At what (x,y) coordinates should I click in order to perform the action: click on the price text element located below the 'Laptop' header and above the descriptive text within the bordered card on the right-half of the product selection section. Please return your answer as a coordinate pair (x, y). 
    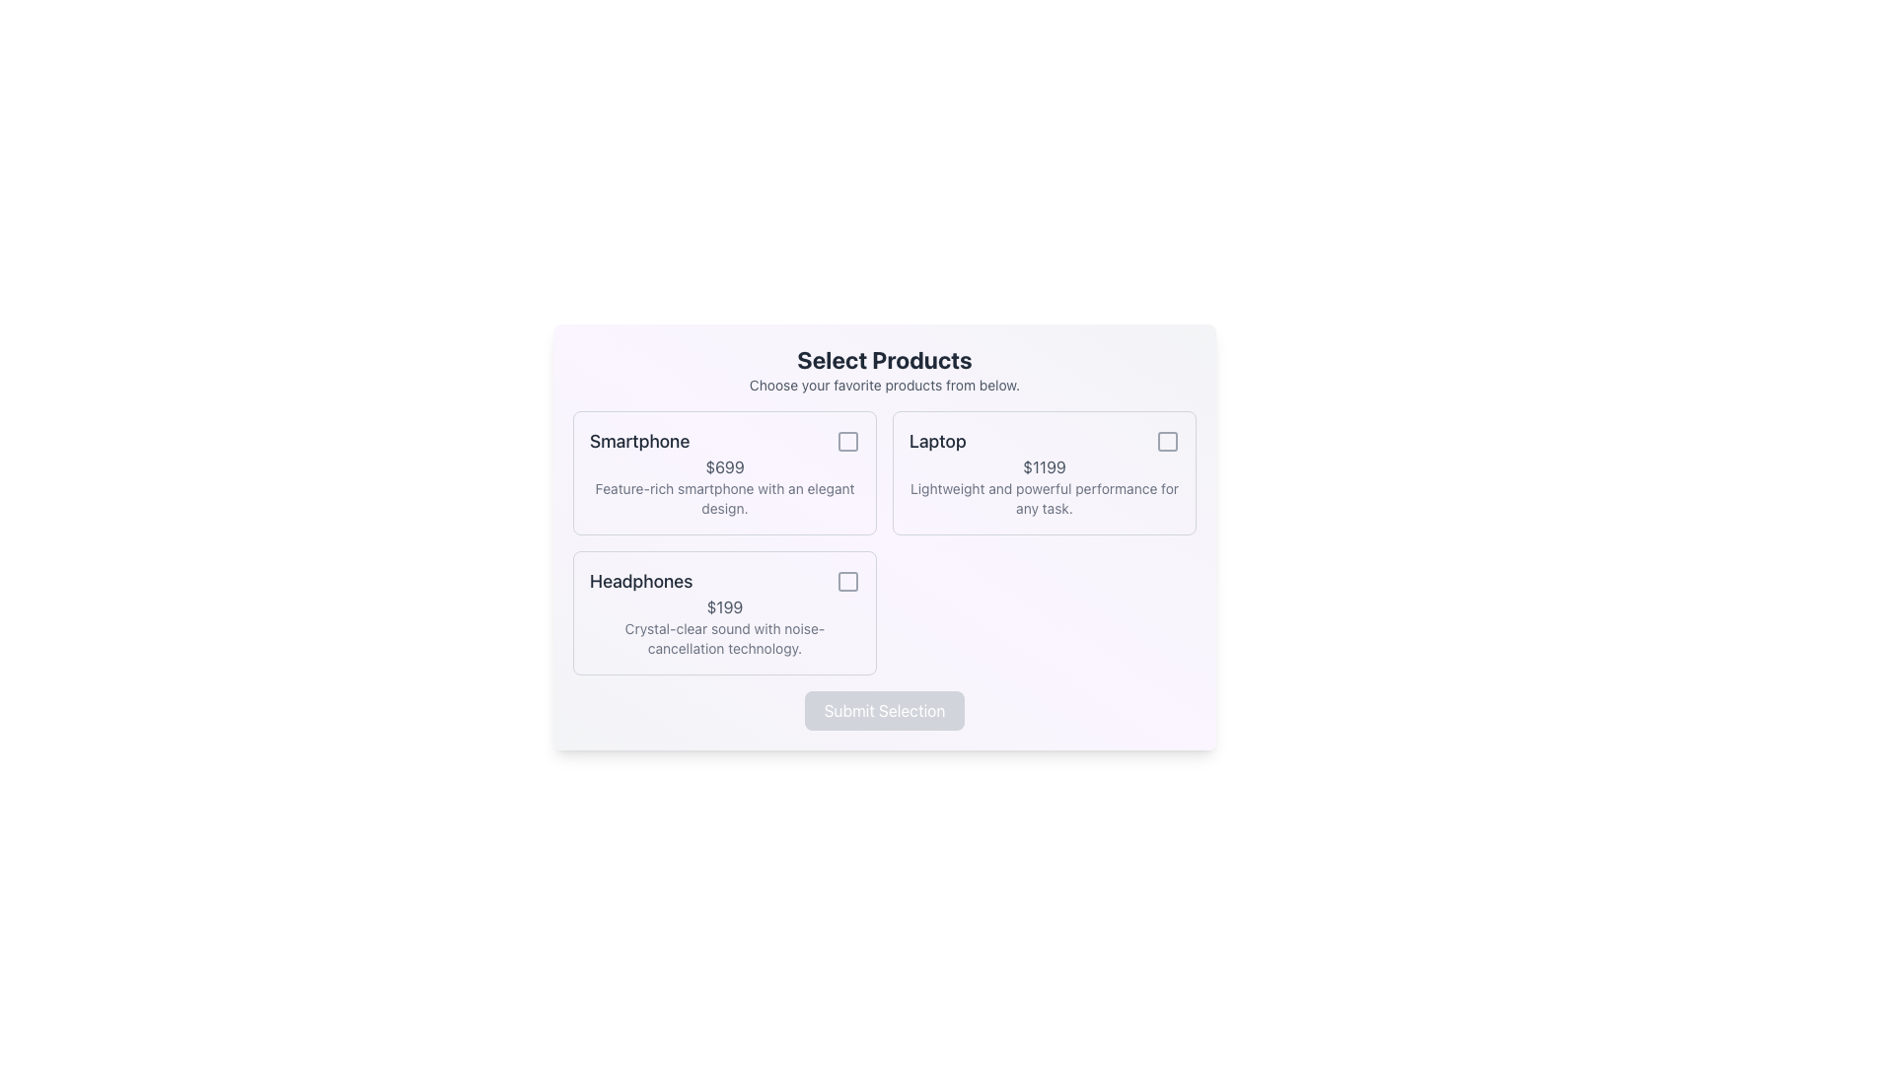
    Looking at the image, I should click on (1044, 467).